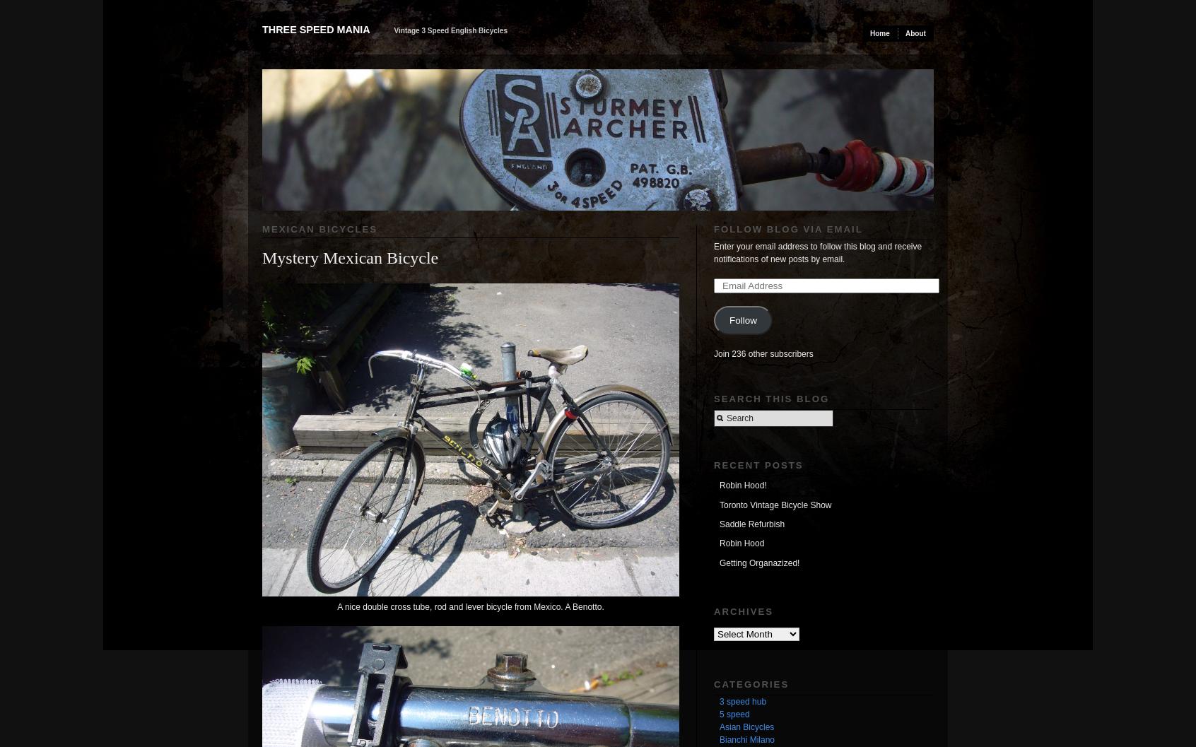 The width and height of the screenshot is (1196, 747). I want to click on 'Asian Bicycles', so click(746, 726).